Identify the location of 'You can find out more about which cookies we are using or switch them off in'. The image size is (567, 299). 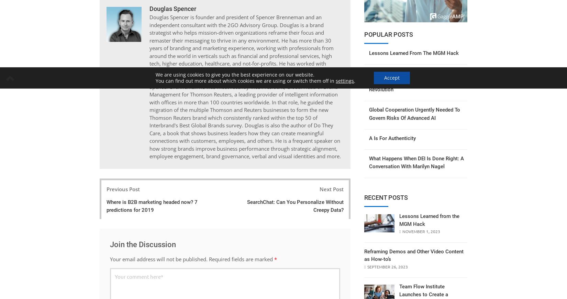
(245, 81).